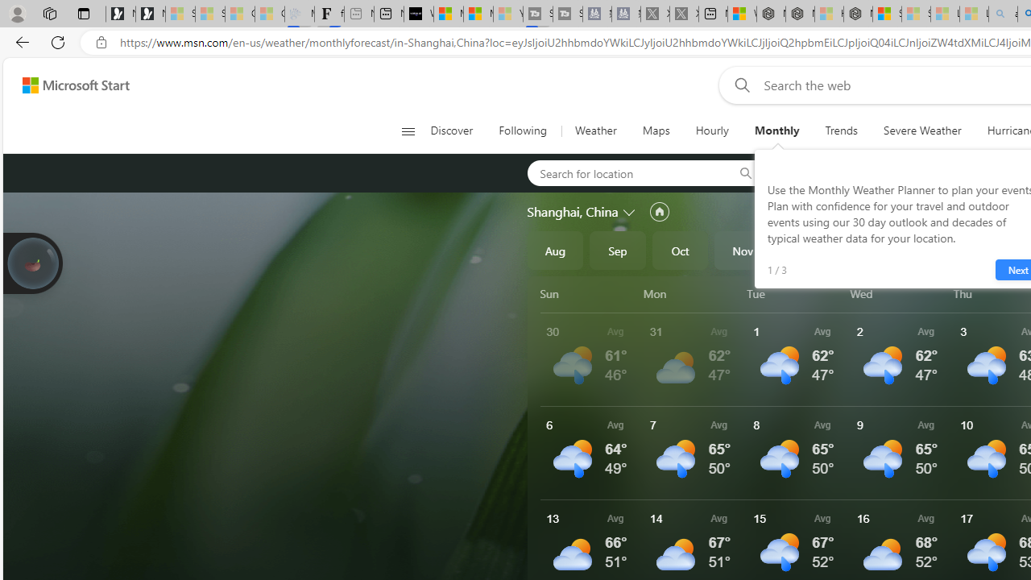  What do you see at coordinates (659, 211) in the screenshot?
I see `'Set as primary location'` at bounding box center [659, 211].